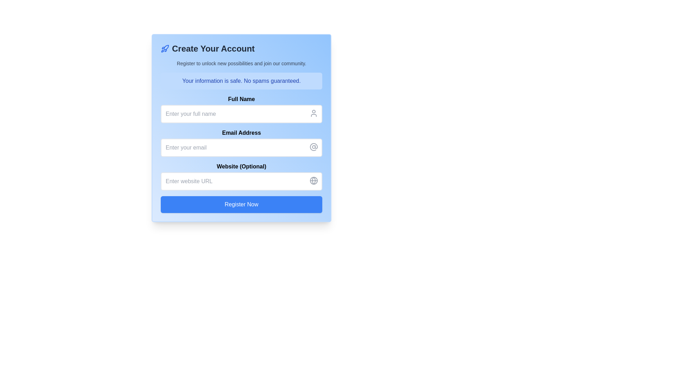 The height and width of the screenshot is (379, 674). Describe the element at coordinates (241, 48) in the screenshot. I see `title text 'Create Your Account' which is a bold large-sized text accompanied by a blue rocket icon, located at the top section of a blue gradient background` at that location.